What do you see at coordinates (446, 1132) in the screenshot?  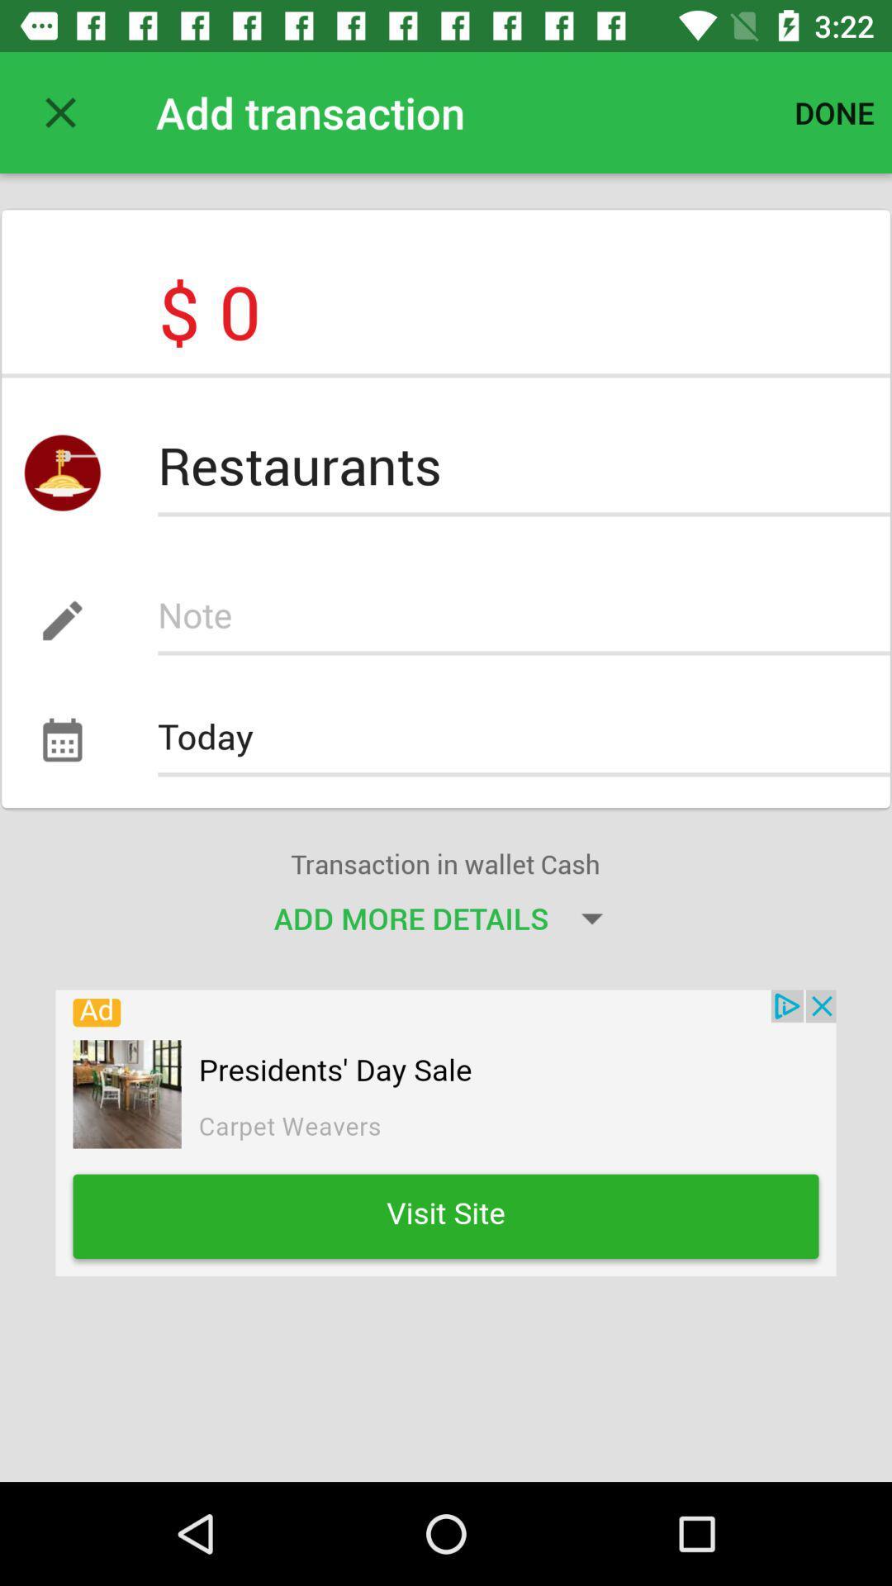 I see `open advertisement` at bounding box center [446, 1132].